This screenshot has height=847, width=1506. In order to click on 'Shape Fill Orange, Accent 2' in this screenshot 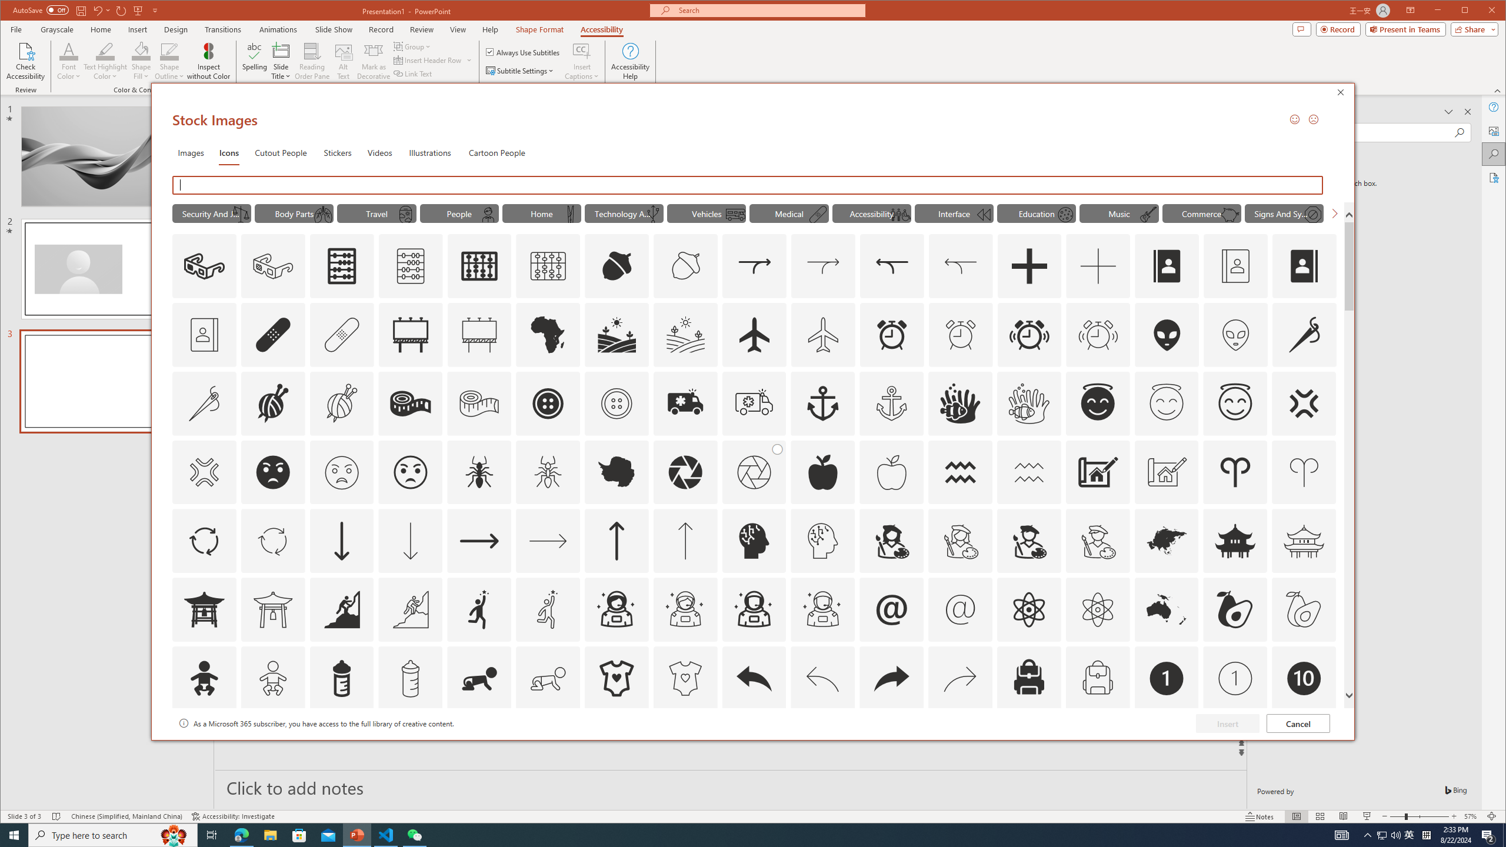, I will do `click(141, 50)`.